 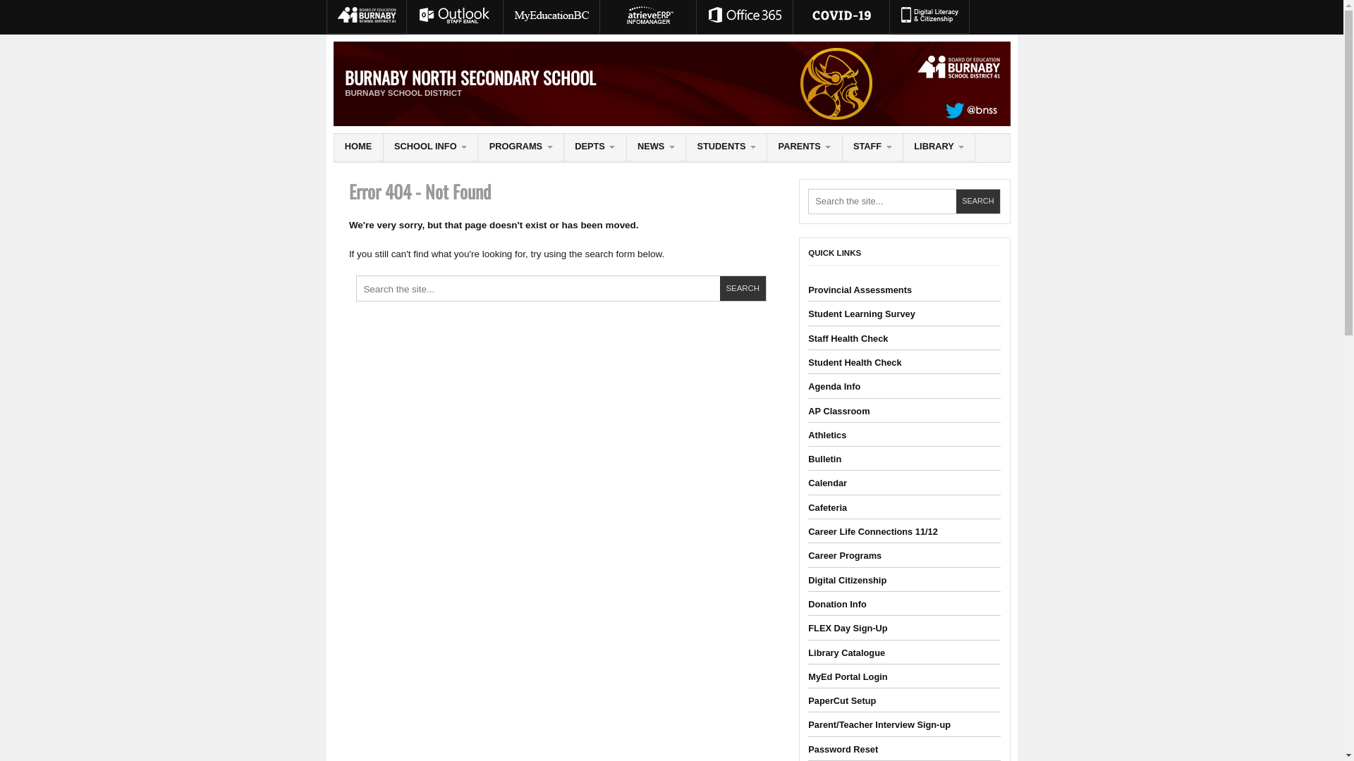 I want to click on 'Calendar', so click(x=827, y=482).